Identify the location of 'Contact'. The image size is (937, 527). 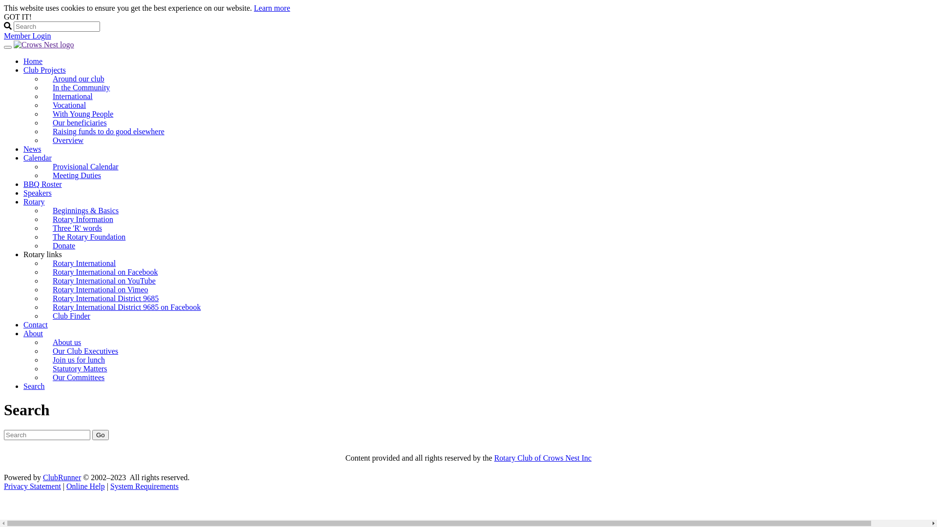
(23, 324).